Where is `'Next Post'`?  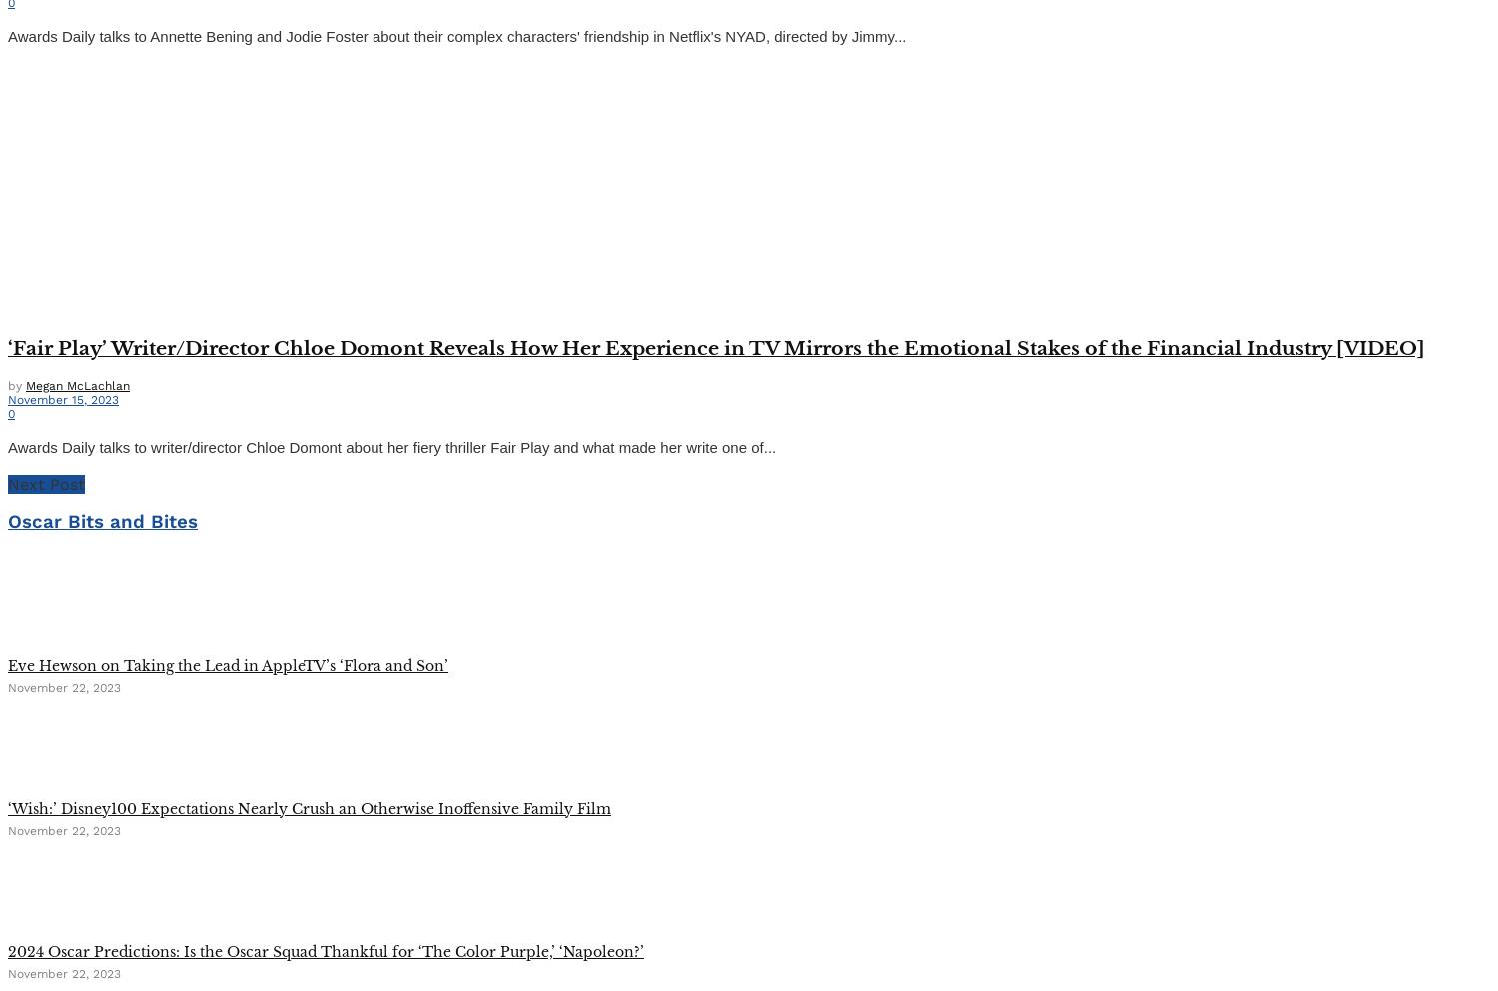
'Next Post' is located at coordinates (46, 483).